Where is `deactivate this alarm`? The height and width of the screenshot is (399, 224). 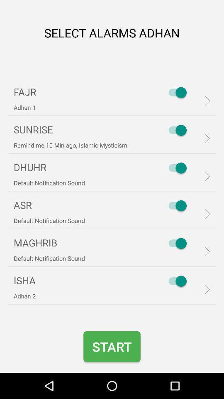
deactivate this alarm is located at coordinates (175, 92).